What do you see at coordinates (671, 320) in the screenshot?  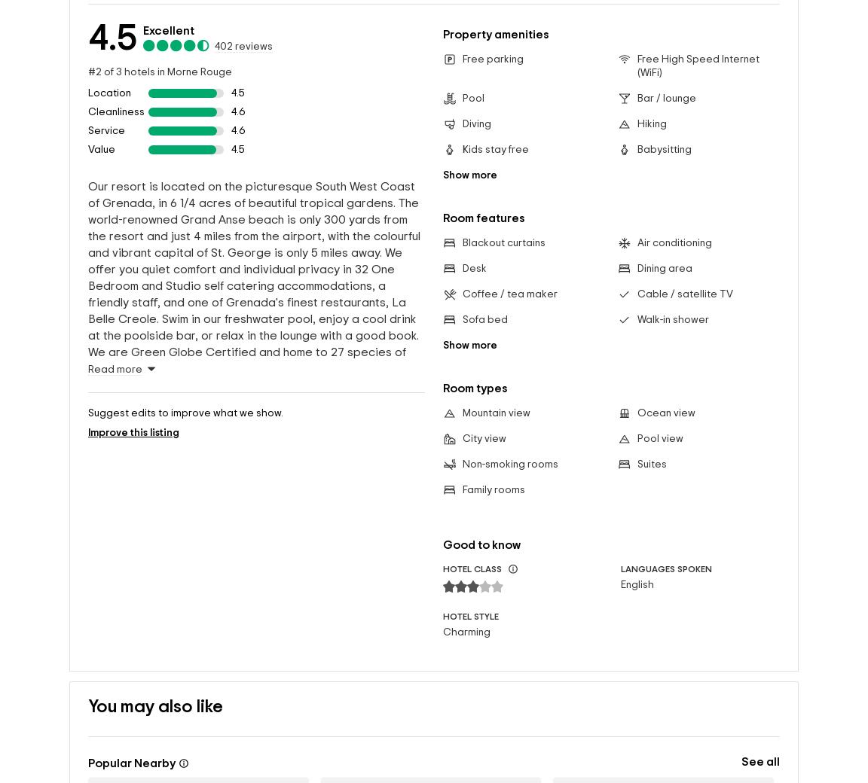 I see `'Walk-in shower'` at bounding box center [671, 320].